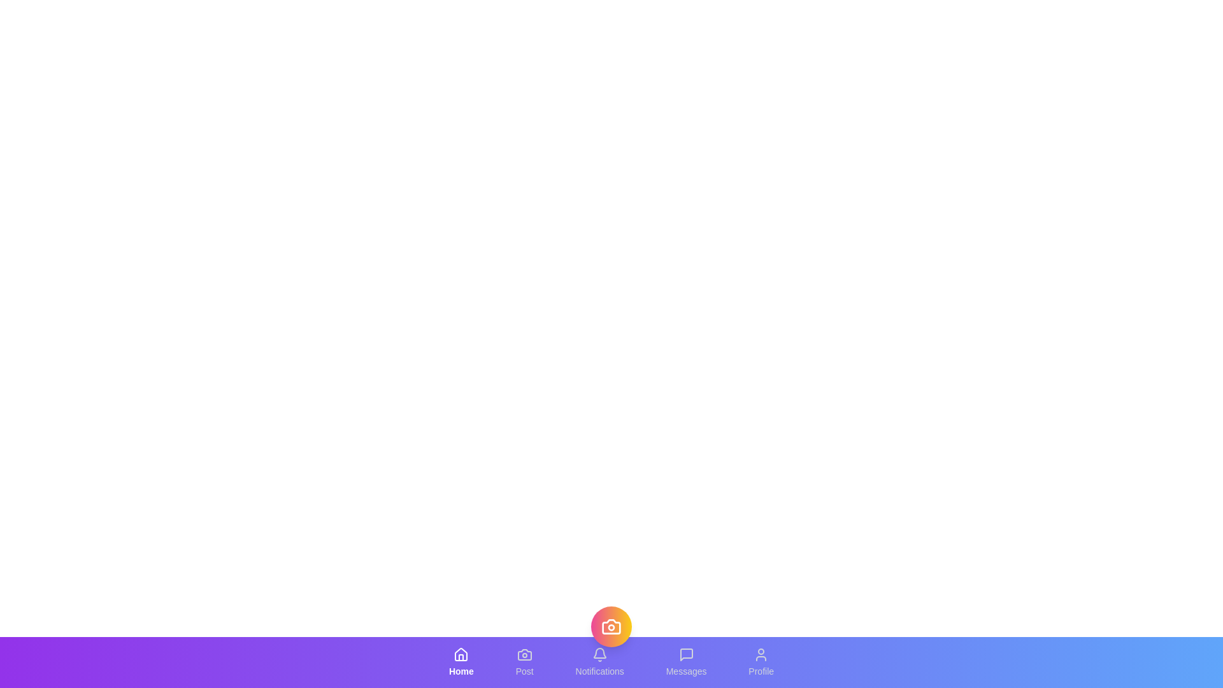  Describe the element at coordinates (685, 662) in the screenshot. I see `the Messages tab to switch to its section` at that location.